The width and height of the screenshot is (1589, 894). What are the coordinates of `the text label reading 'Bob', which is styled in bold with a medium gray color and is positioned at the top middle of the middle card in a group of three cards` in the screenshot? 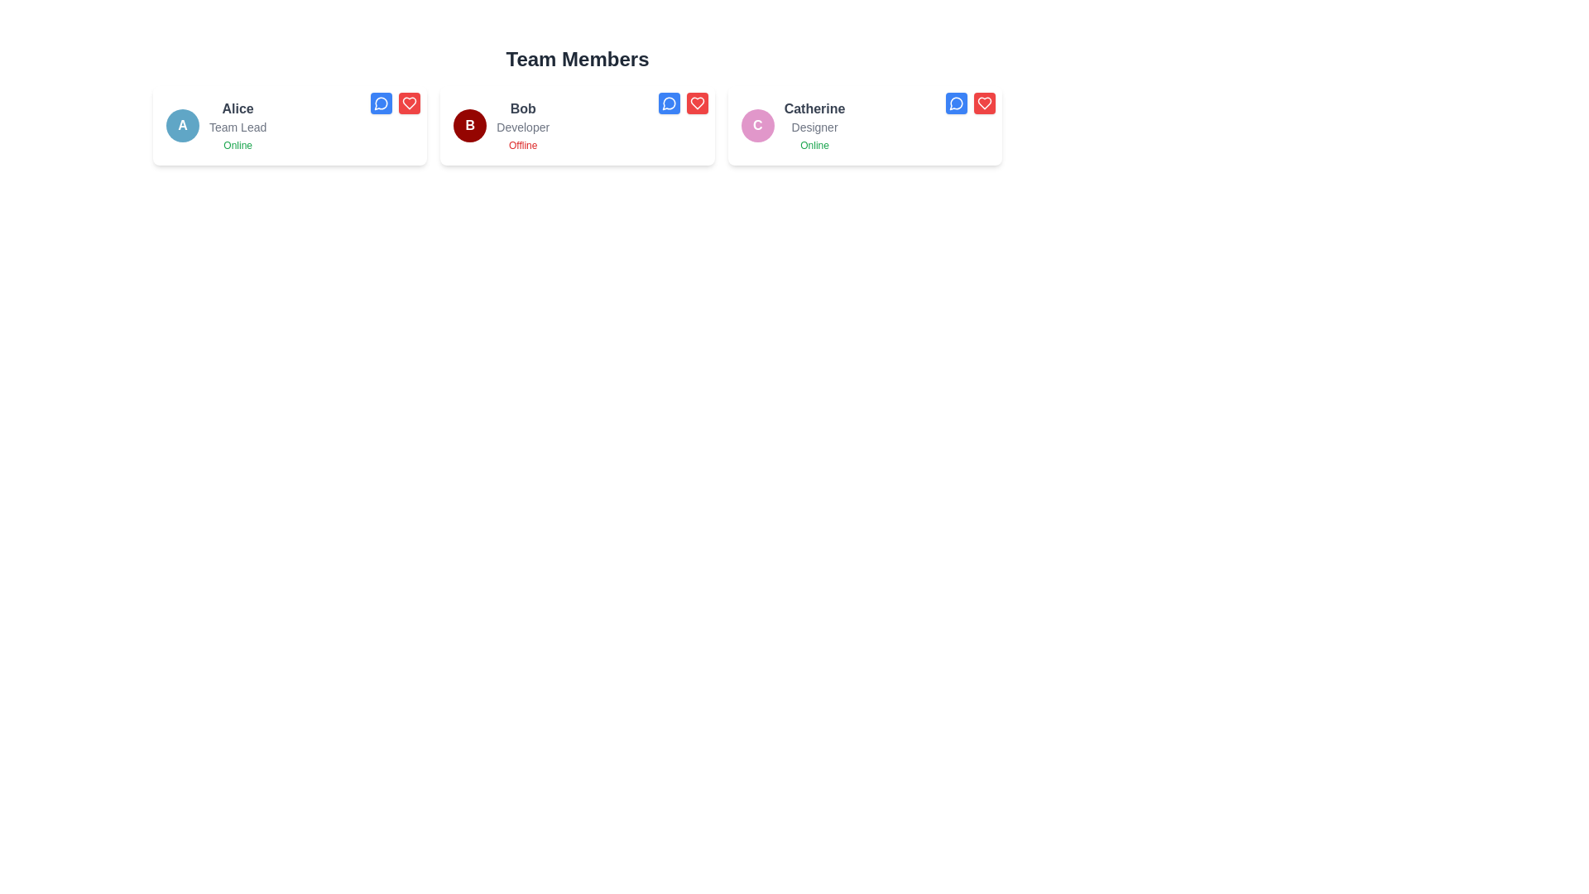 It's located at (522, 108).